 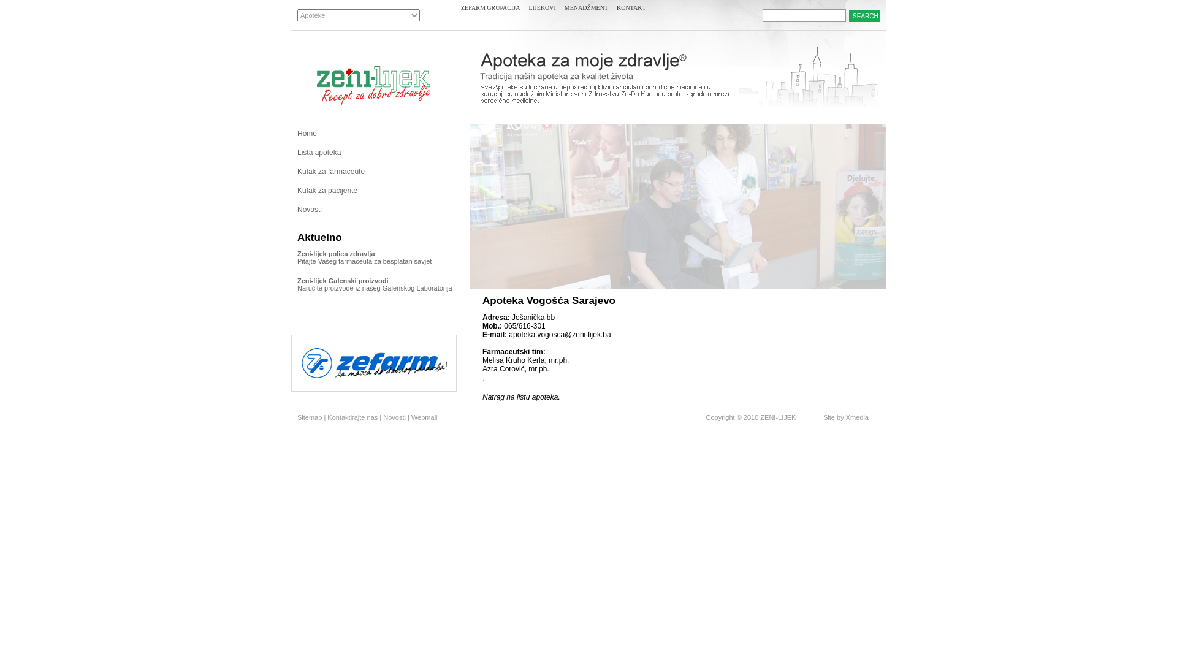 What do you see at coordinates (558, 335) in the screenshot?
I see `'apoteka.vogosca@zeni-lijek.ba'` at bounding box center [558, 335].